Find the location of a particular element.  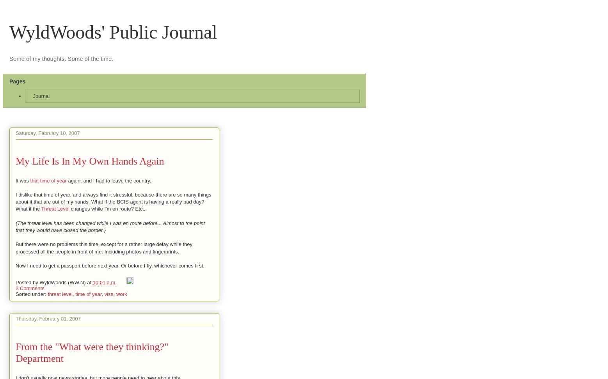

'2
Comments' is located at coordinates (30, 288).